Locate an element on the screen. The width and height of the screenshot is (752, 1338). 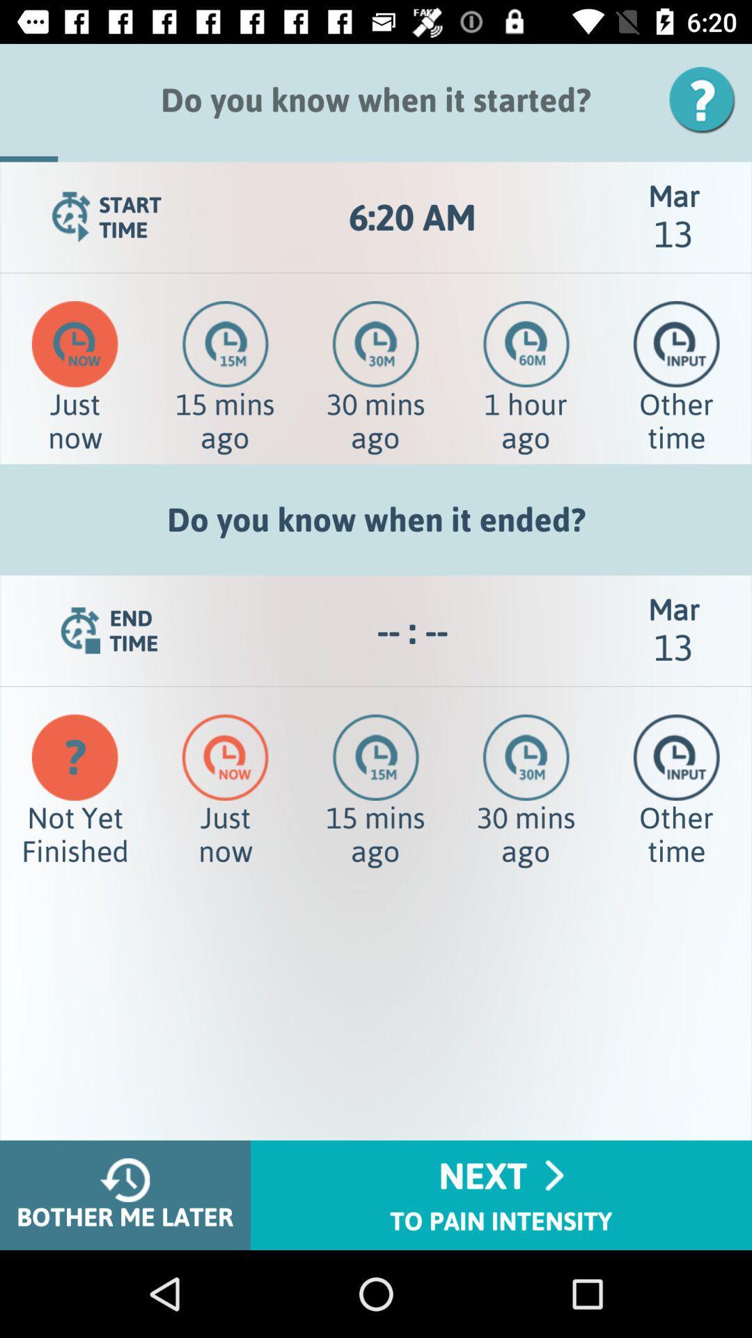
the item next to the start is located at coordinates (412, 217).